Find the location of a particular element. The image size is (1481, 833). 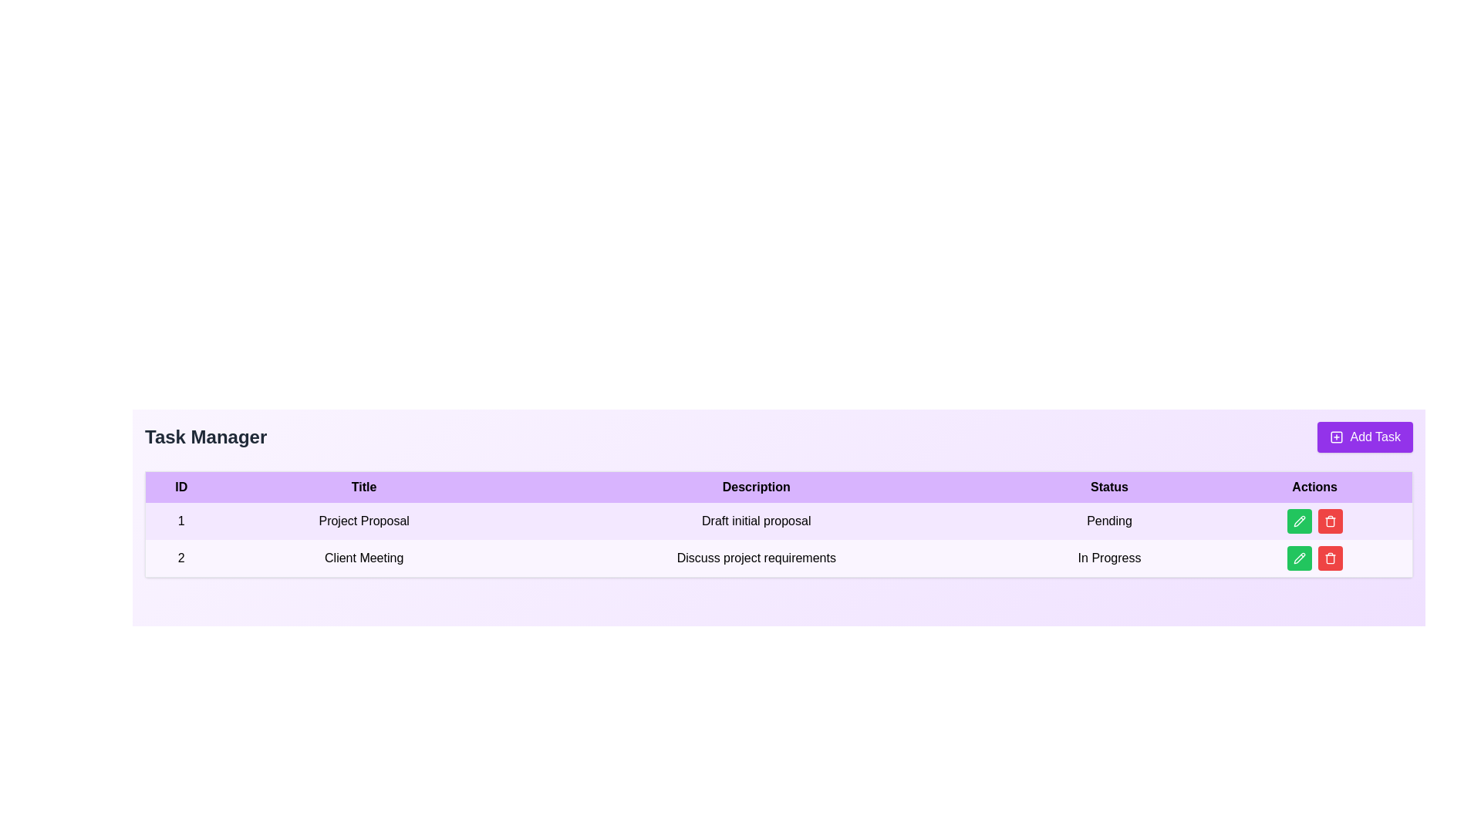

the trash icon in the 'Actions' column of the second row under 'Client Meeting' is located at coordinates (1329, 521).